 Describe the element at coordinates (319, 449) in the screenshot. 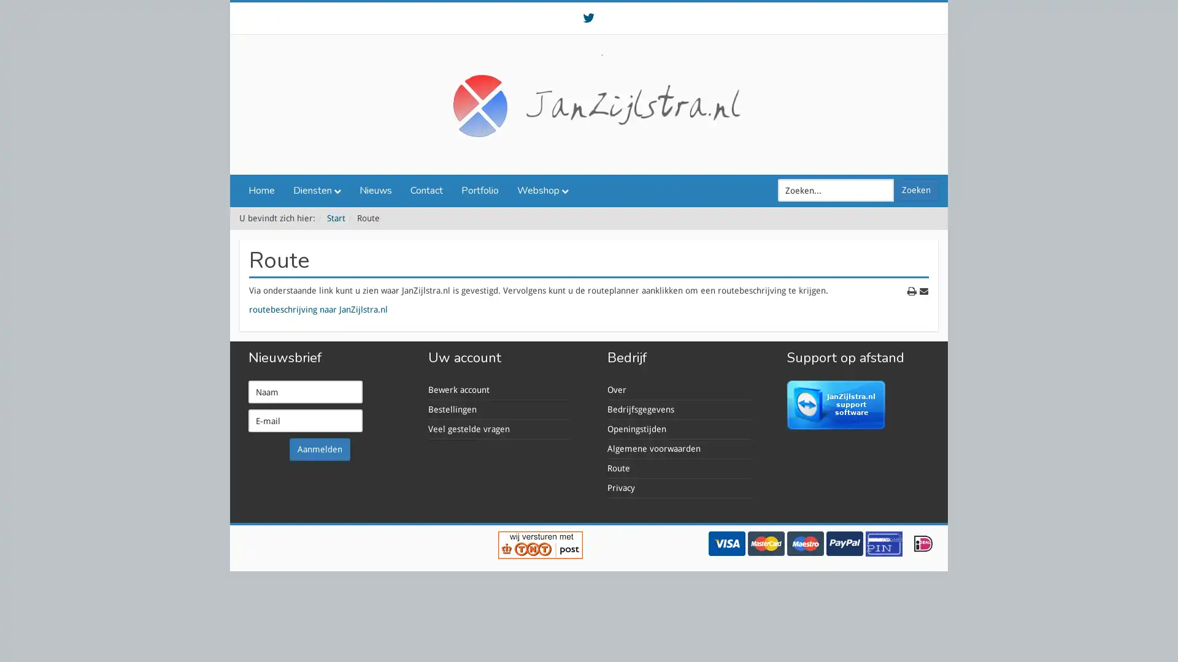

I see `Aanmelden` at that location.